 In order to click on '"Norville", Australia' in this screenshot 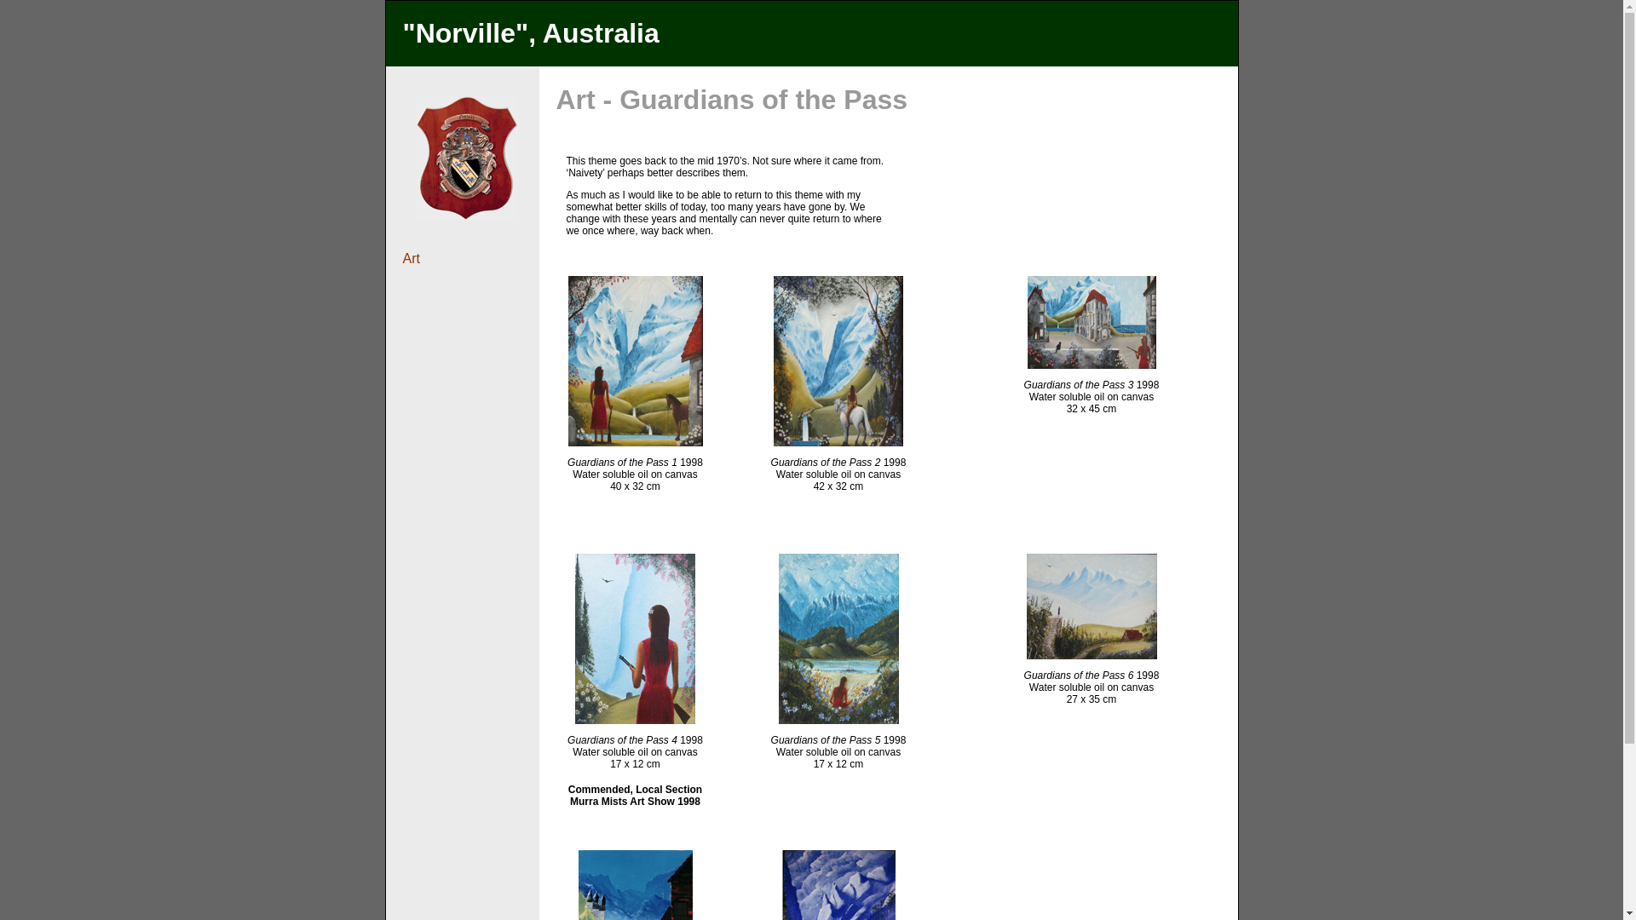, I will do `click(529, 32)`.